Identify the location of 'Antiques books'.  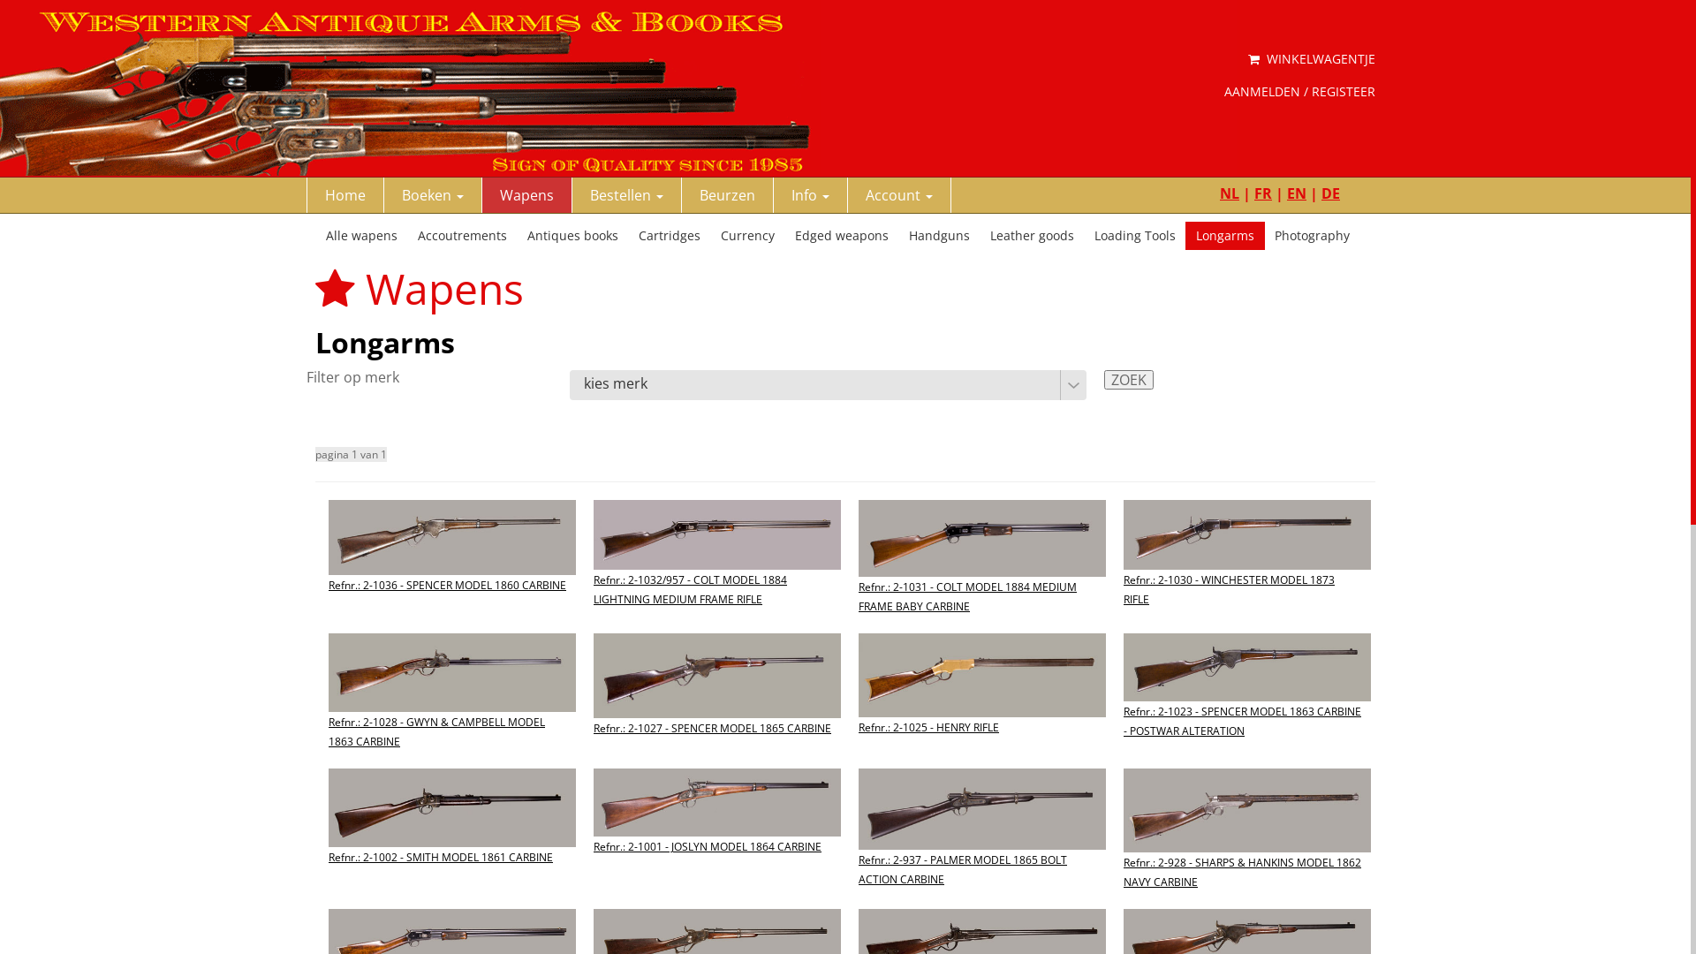
(572, 234).